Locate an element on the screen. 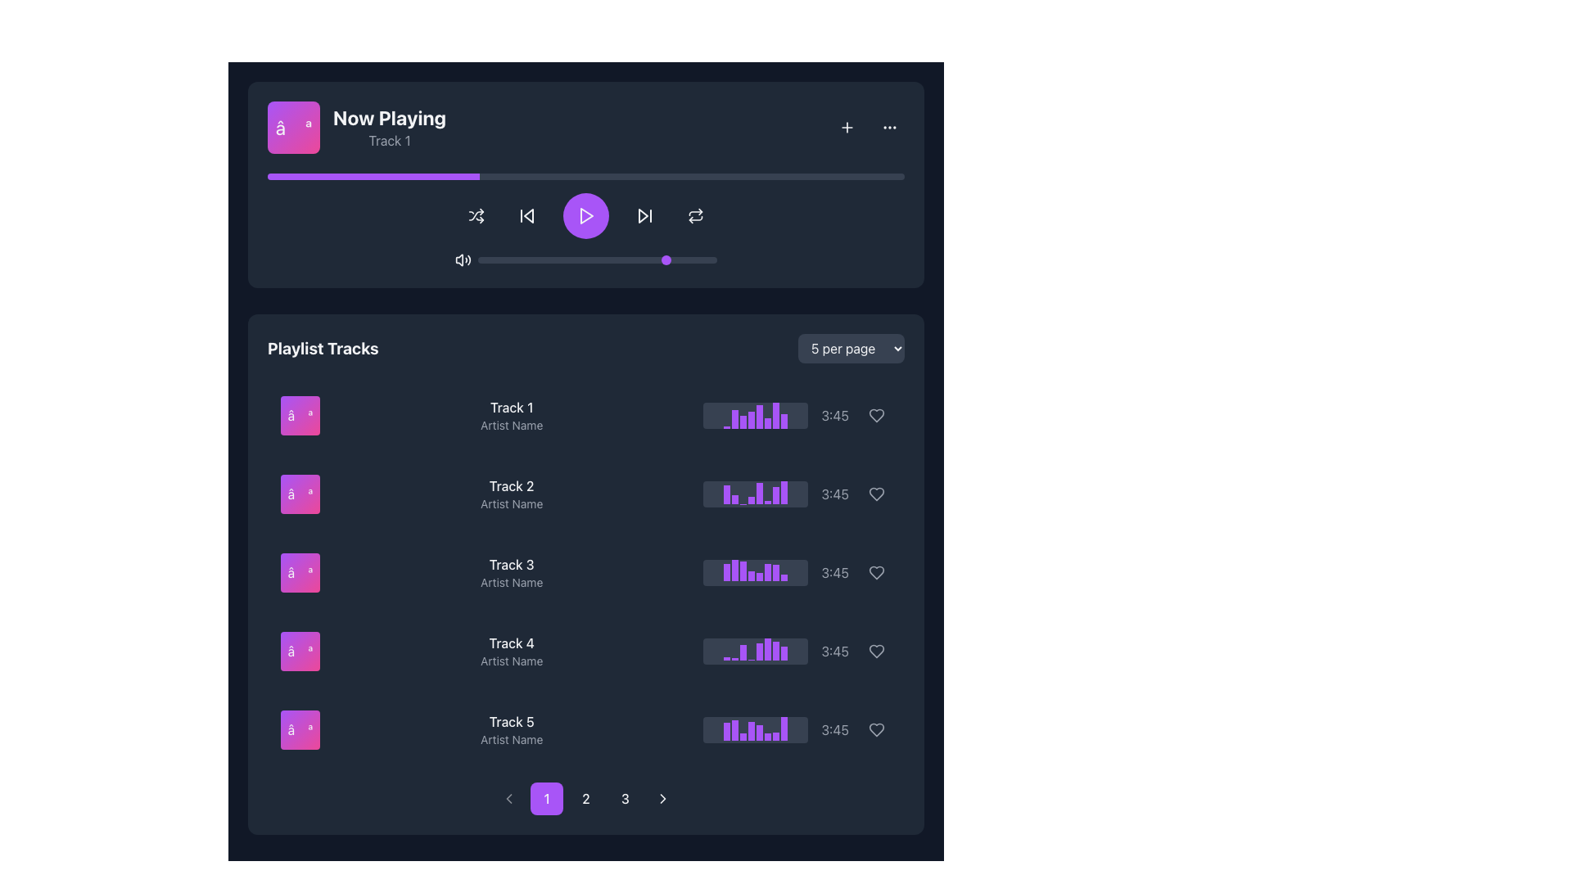 The image size is (1572, 884). the heart-shaped icon is located at coordinates (875, 728).